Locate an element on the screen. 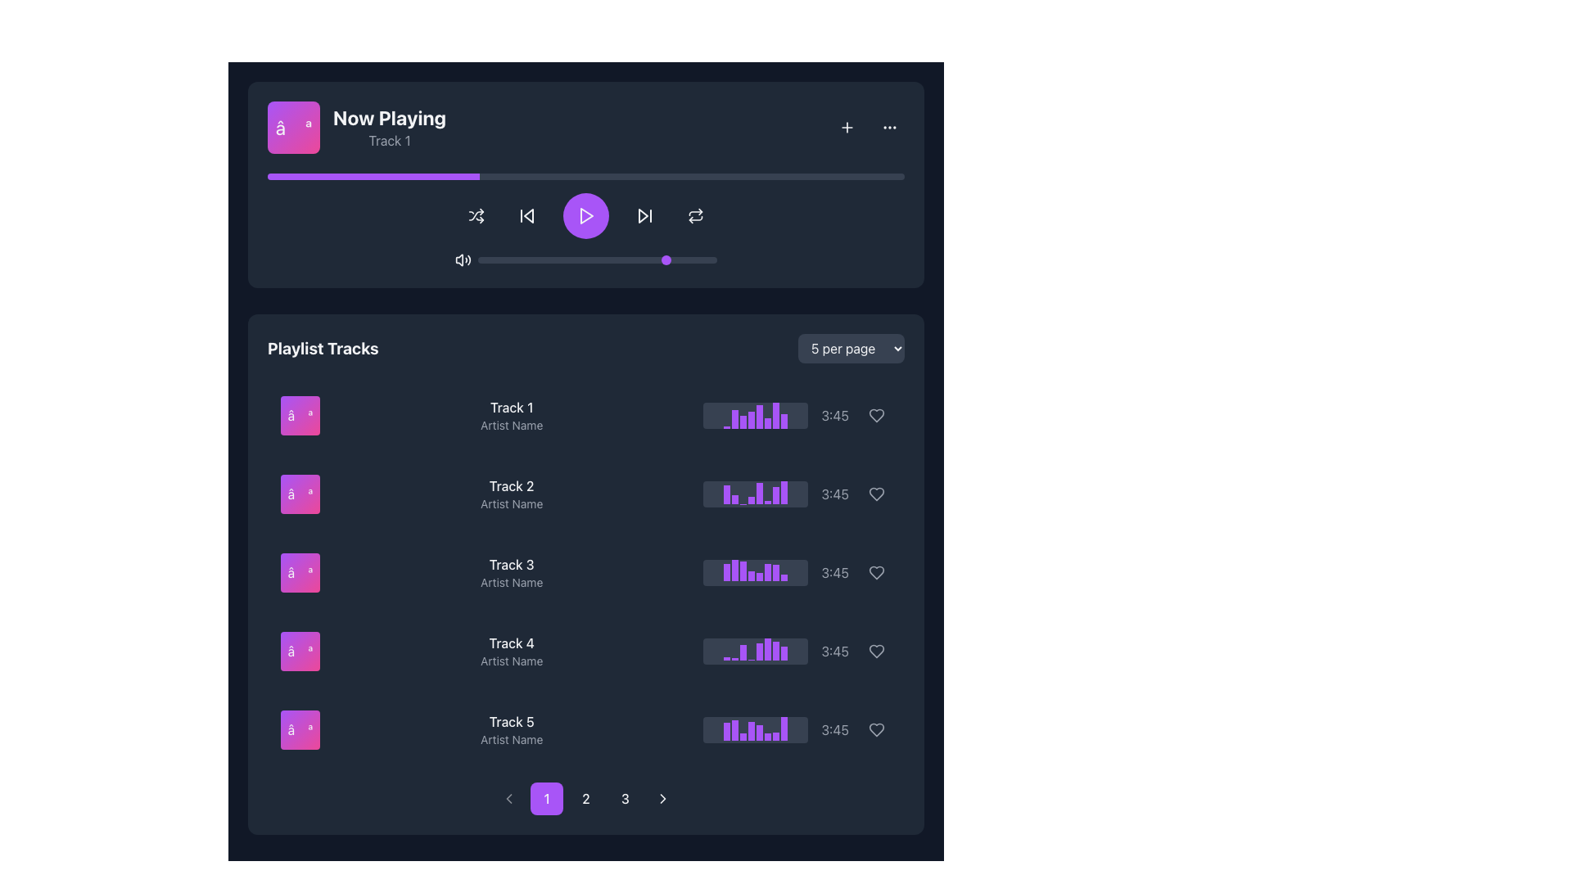 The image size is (1572, 884). the heart-shaped icon is located at coordinates (875, 728).